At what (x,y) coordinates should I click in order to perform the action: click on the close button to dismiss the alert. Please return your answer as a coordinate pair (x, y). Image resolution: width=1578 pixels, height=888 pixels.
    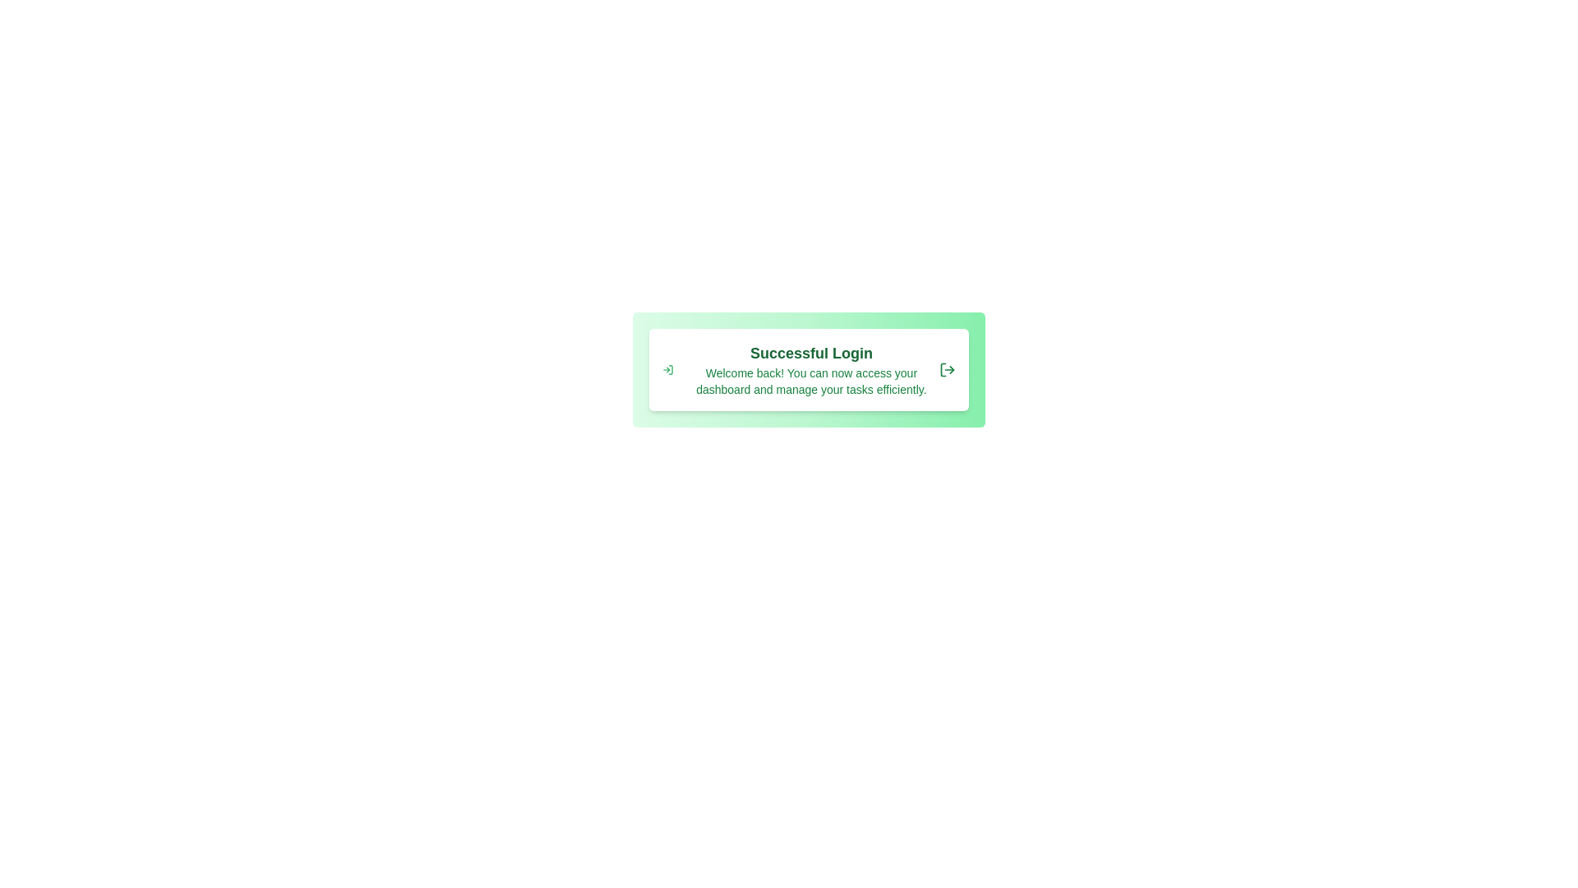
    Looking at the image, I should click on (947, 370).